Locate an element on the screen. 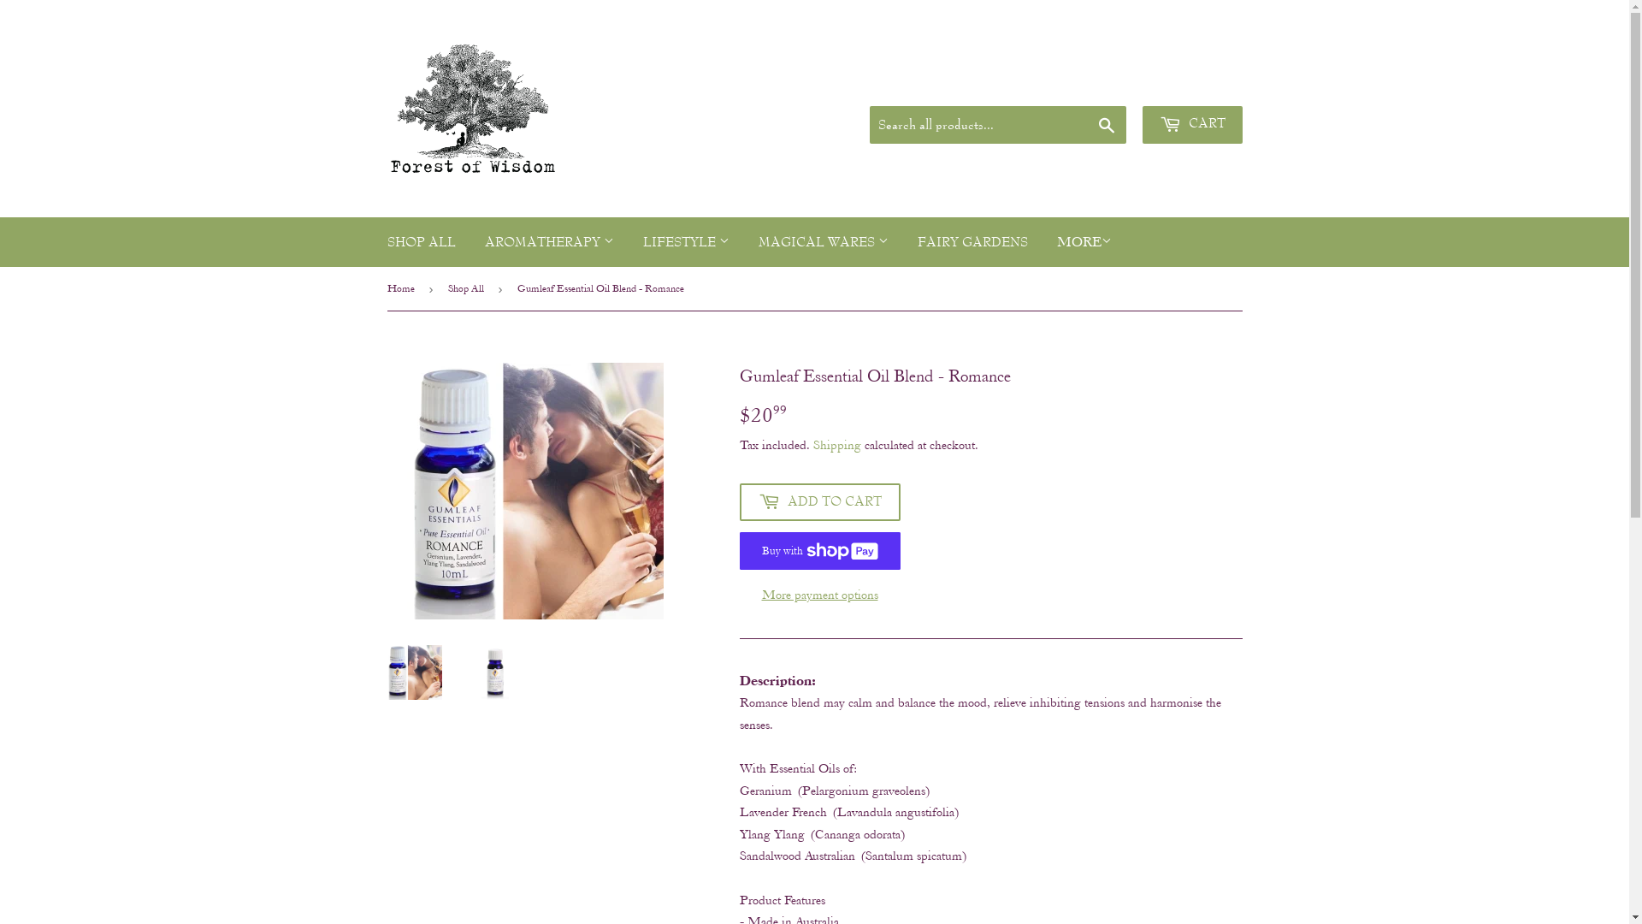 The width and height of the screenshot is (1642, 924). 'FAIRY GARDENS' is located at coordinates (903, 242).